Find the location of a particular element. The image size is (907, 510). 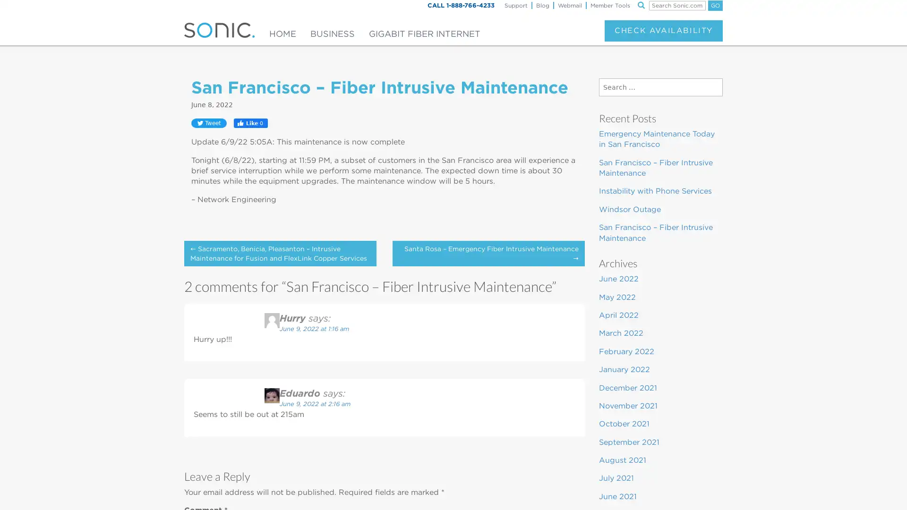

GO is located at coordinates (715, 5).